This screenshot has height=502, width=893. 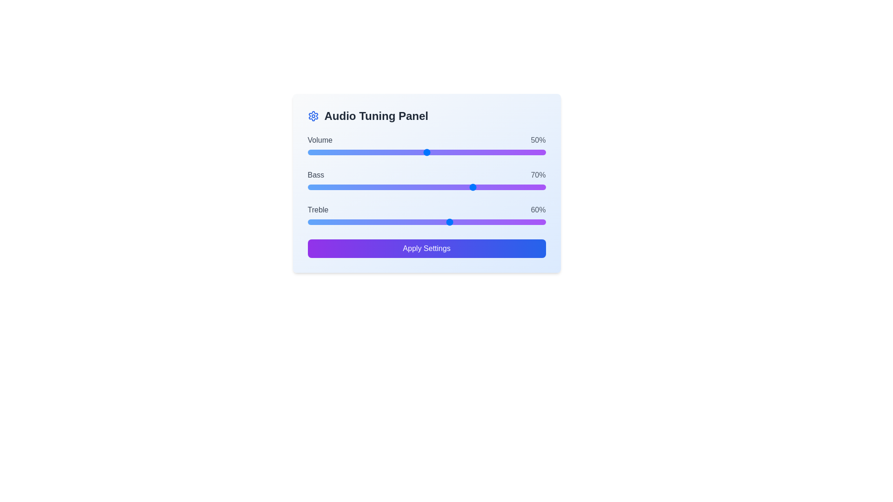 What do you see at coordinates (481, 187) in the screenshot?
I see `bass level` at bounding box center [481, 187].